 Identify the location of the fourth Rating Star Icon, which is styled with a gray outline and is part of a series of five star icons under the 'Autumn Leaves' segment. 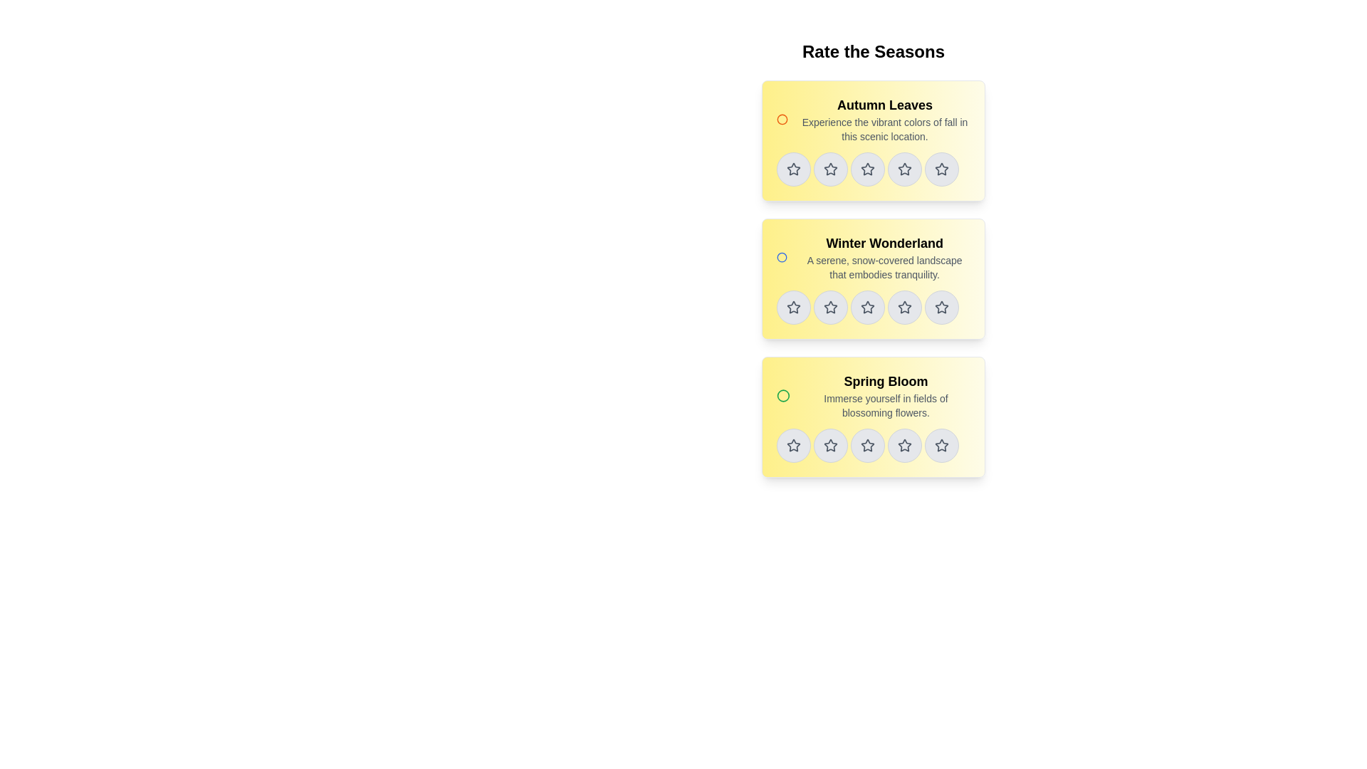
(904, 169).